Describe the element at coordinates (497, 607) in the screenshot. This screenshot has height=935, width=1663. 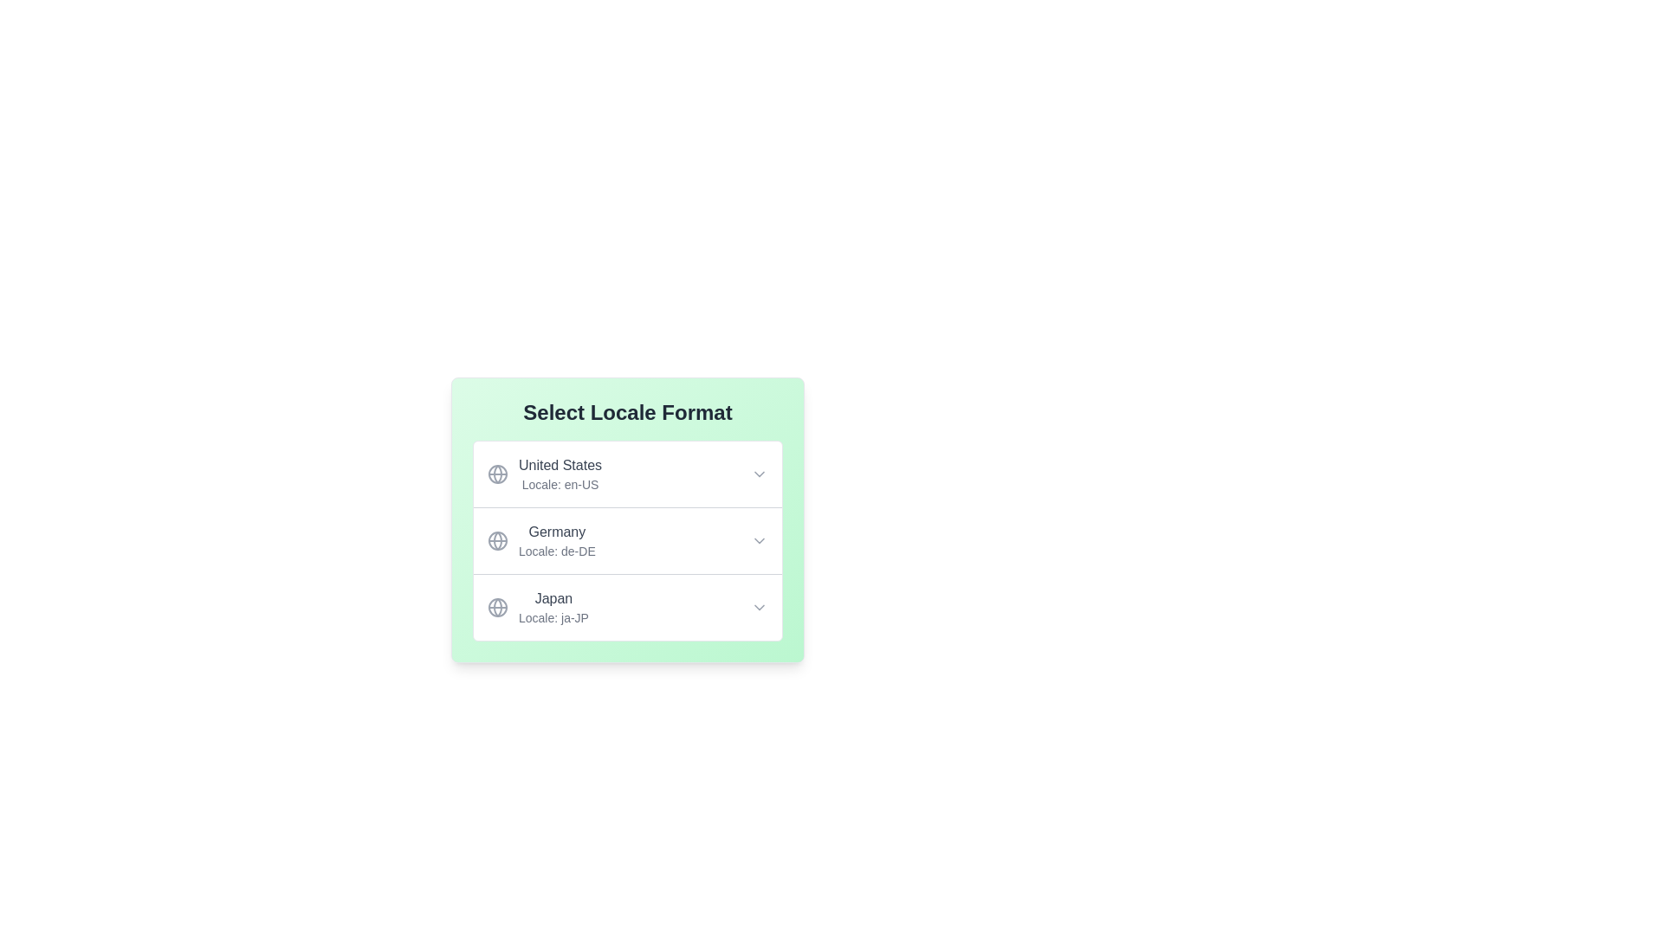
I see `the outermost circular part of the globe icon, which is part of the 'Select Locale Format' group, near the 'United States' option` at that location.